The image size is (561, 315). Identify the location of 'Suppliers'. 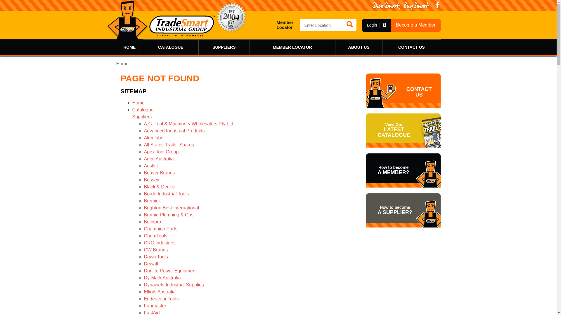
(131, 117).